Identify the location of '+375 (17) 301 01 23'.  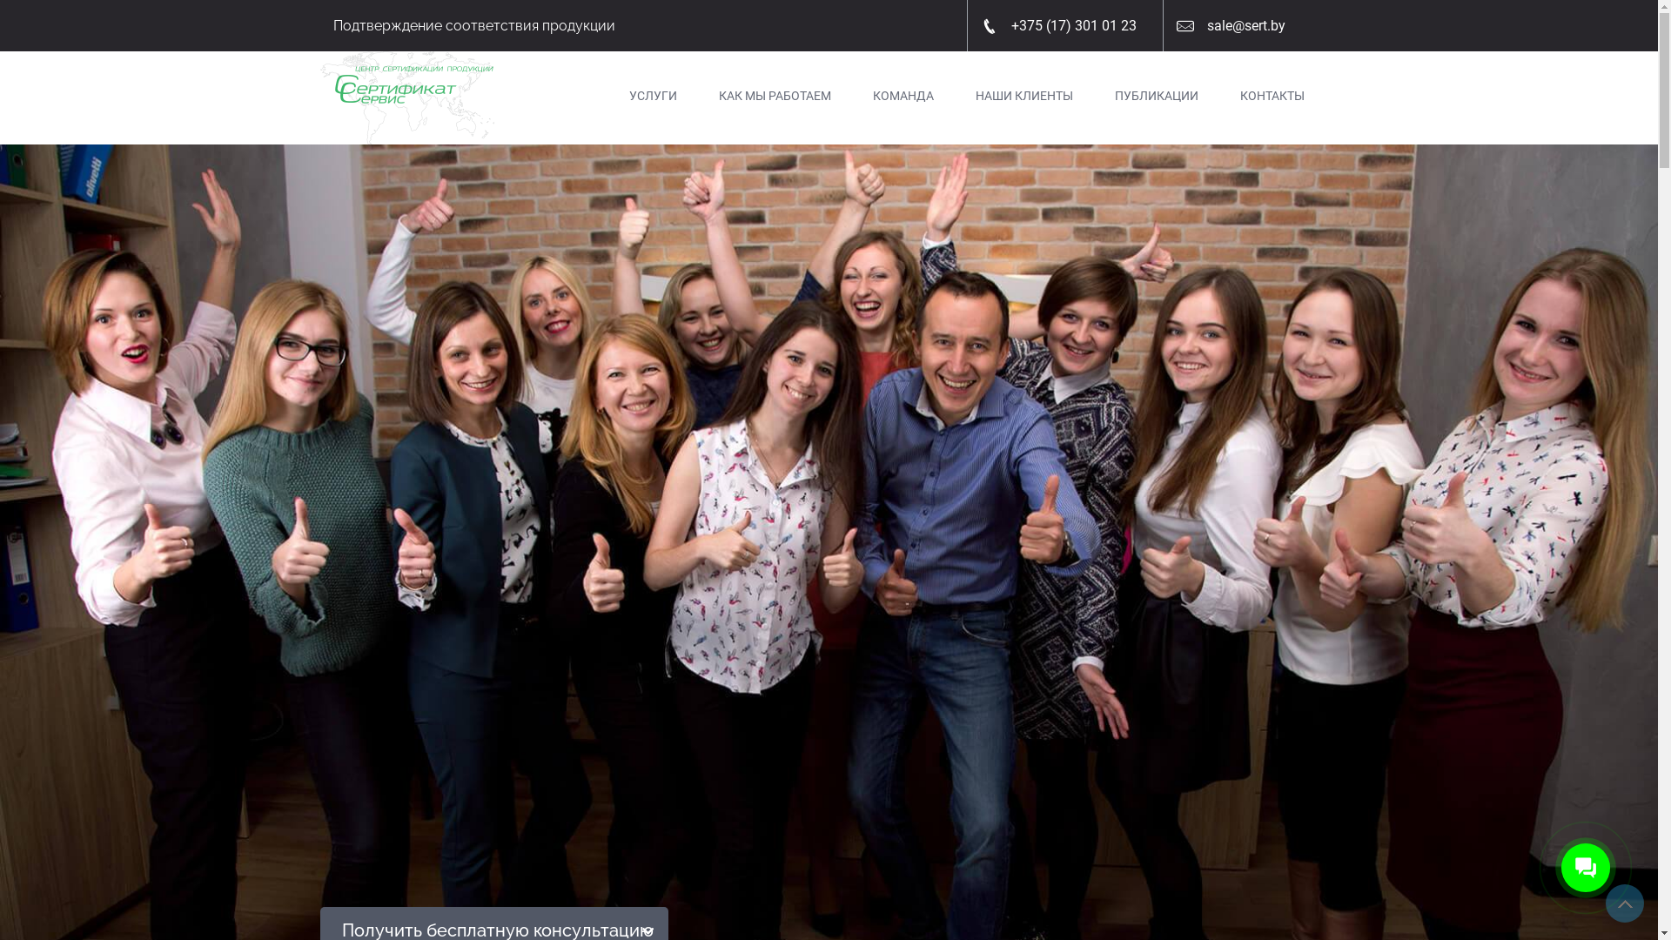
(998, 25).